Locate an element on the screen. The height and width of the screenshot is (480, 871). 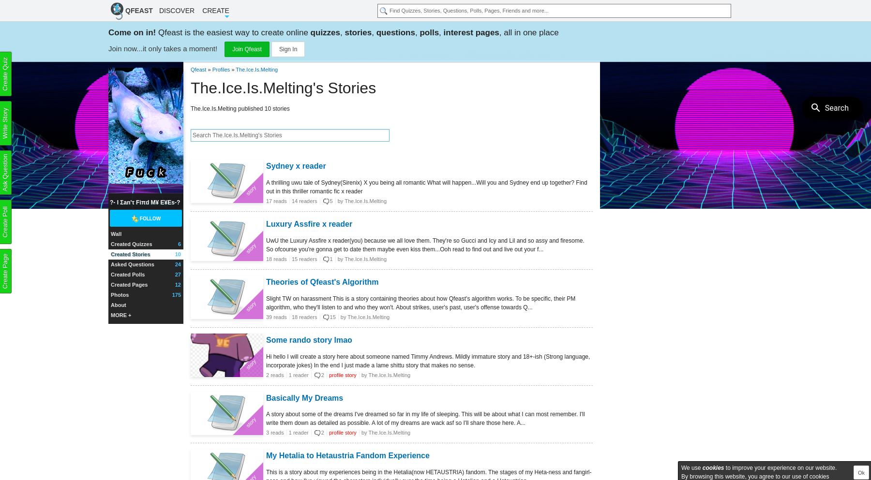
'questions' is located at coordinates (395, 32).